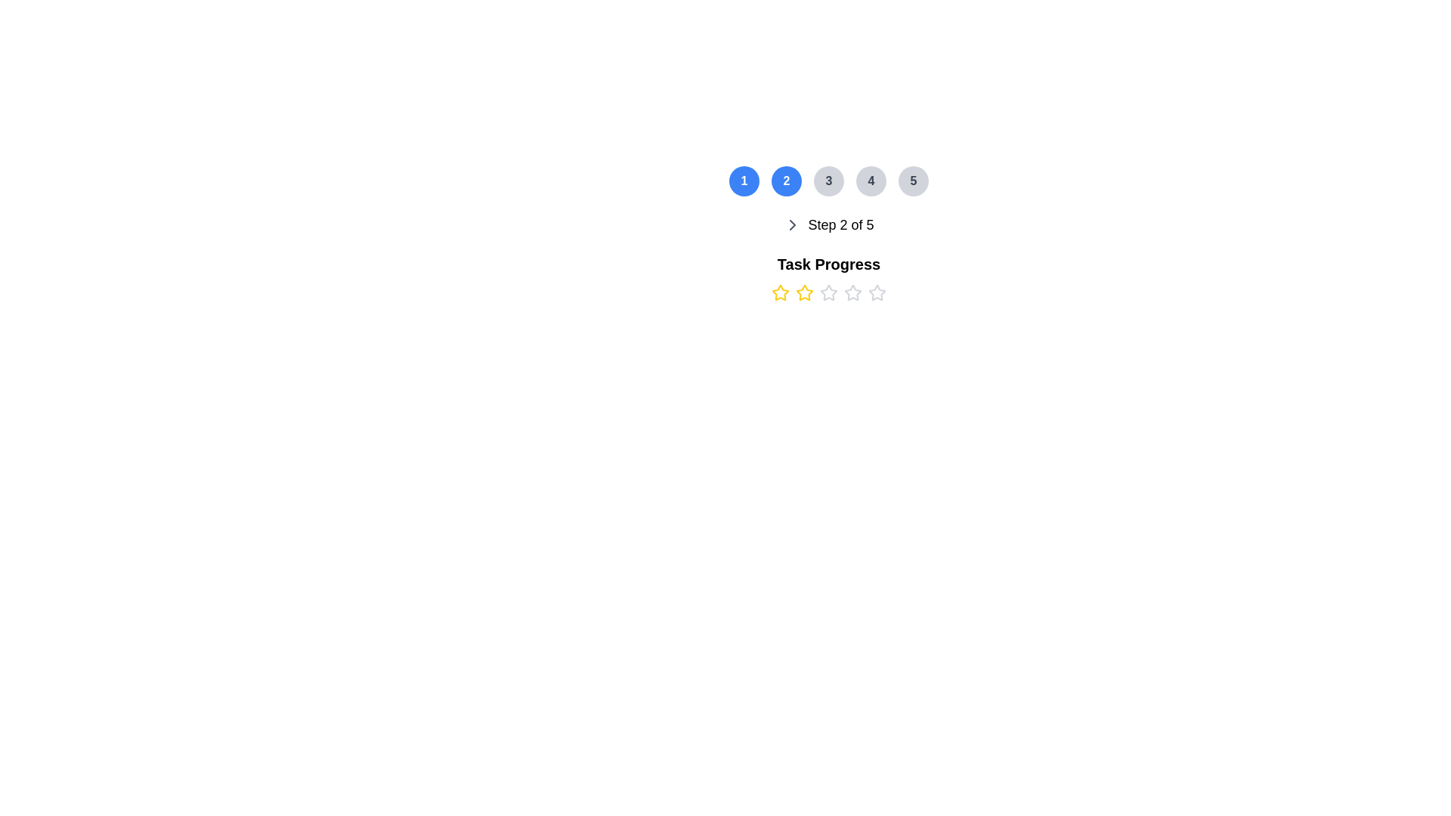  Describe the element at coordinates (828, 293) in the screenshot. I see `the fourth star icon in the 'Task Progress' section under 'Step 2 of 5' to rate it` at that location.